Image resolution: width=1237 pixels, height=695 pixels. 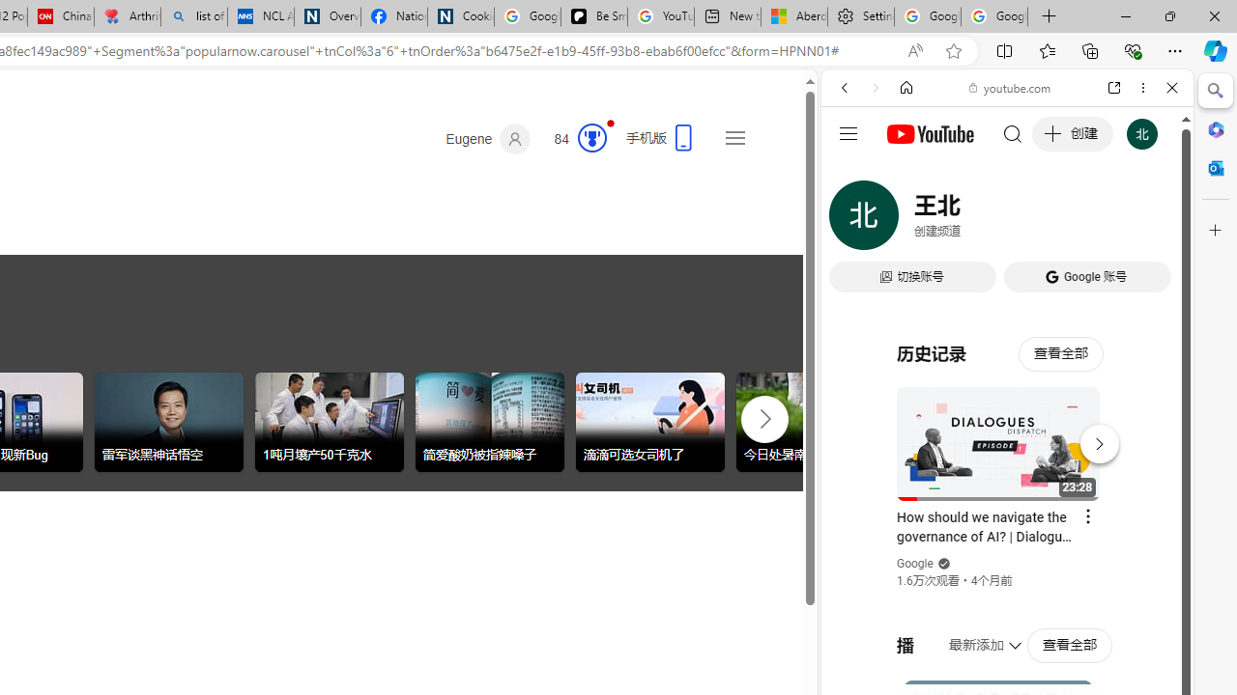 I want to click on 'AutomationID: rh_meter', so click(x=591, y=136).